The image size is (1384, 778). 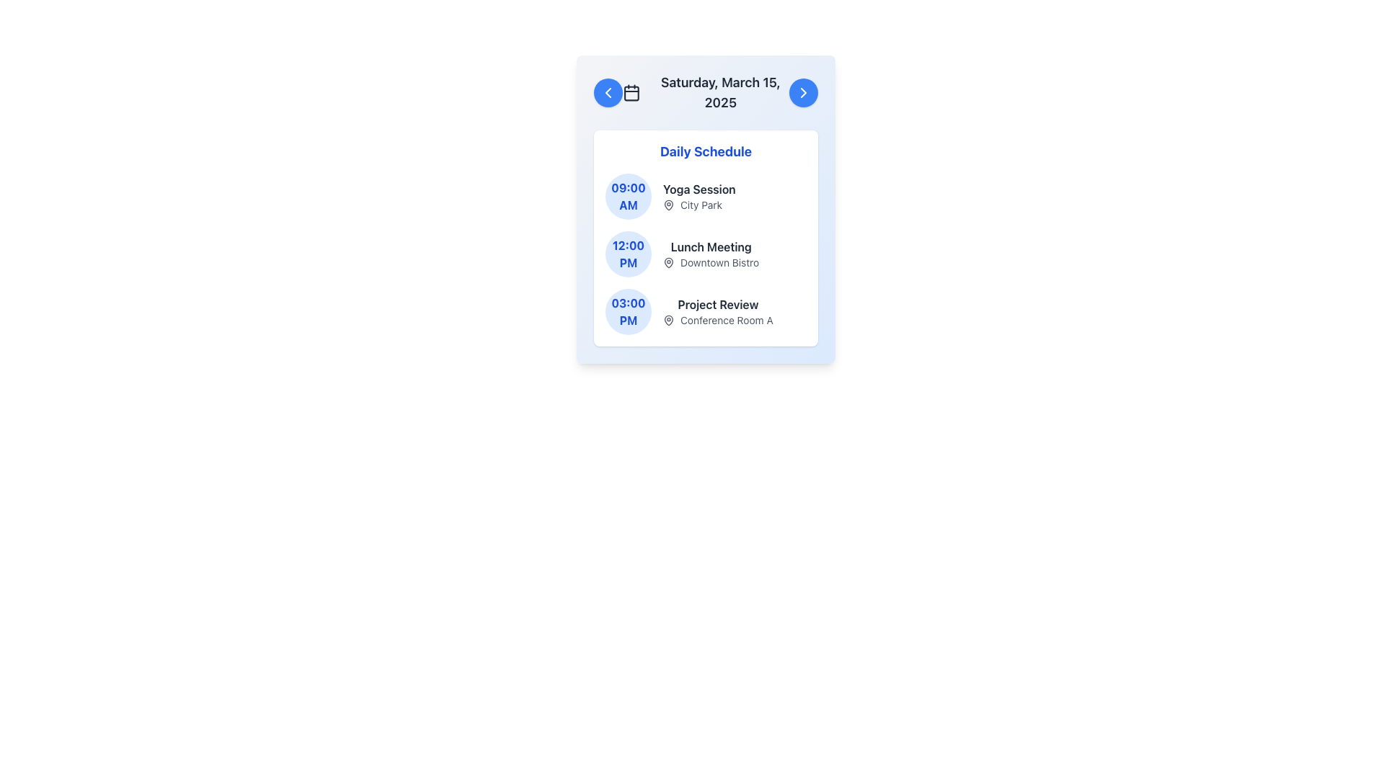 I want to click on the navigational control icon located at the top-right corner of the interface's header, so click(x=802, y=92).